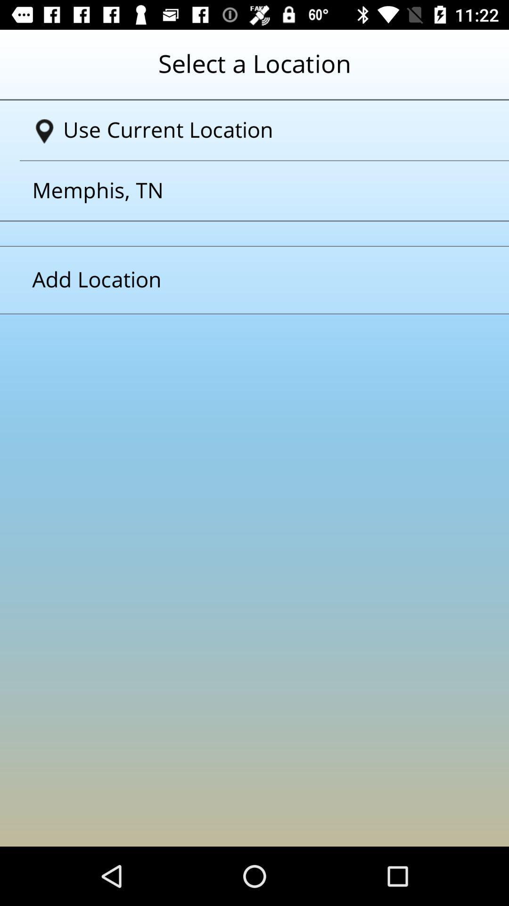  Describe the element at coordinates (242, 190) in the screenshot. I see `the text above add location` at that location.